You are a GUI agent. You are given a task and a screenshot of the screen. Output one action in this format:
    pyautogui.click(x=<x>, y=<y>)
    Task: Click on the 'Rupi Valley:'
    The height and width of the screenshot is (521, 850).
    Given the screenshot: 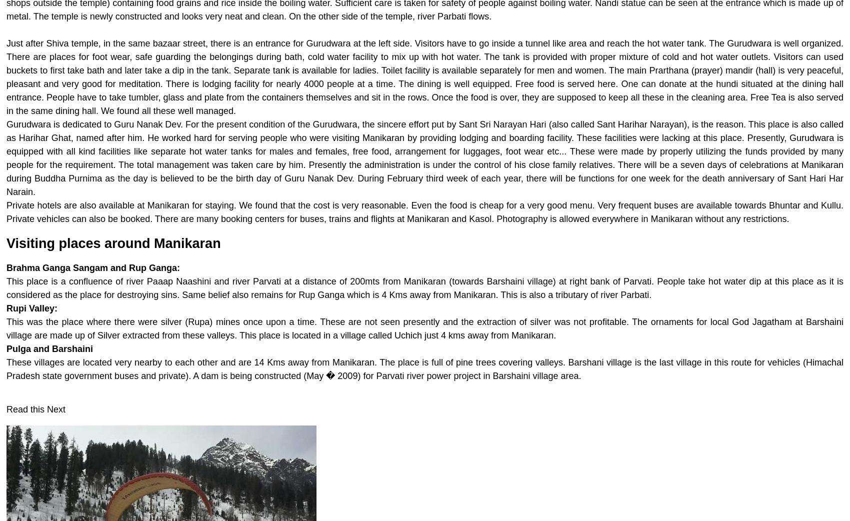 What is the action you would take?
    pyautogui.click(x=31, y=308)
    